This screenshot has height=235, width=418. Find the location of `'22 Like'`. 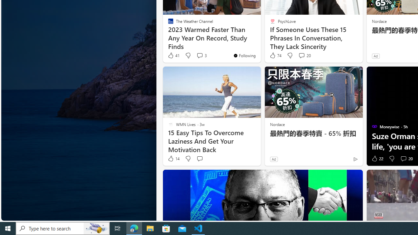

'22 Like' is located at coordinates (377, 159).